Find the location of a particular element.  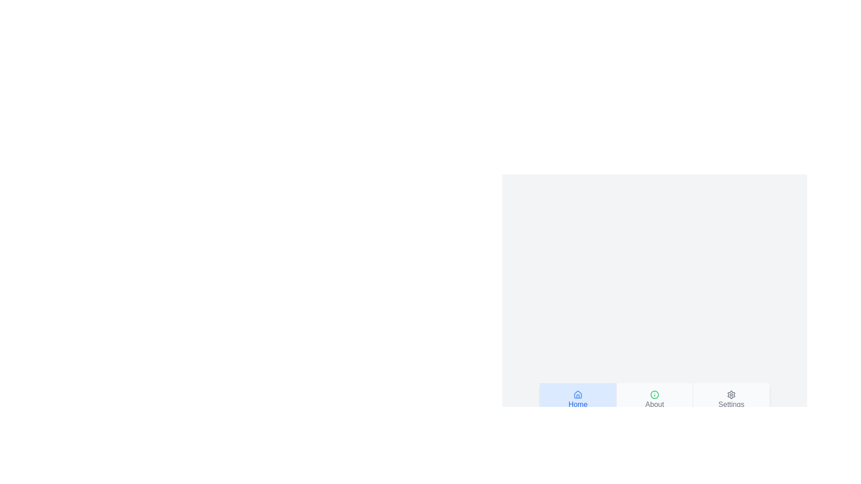

the About tab is located at coordinates (654, 399).